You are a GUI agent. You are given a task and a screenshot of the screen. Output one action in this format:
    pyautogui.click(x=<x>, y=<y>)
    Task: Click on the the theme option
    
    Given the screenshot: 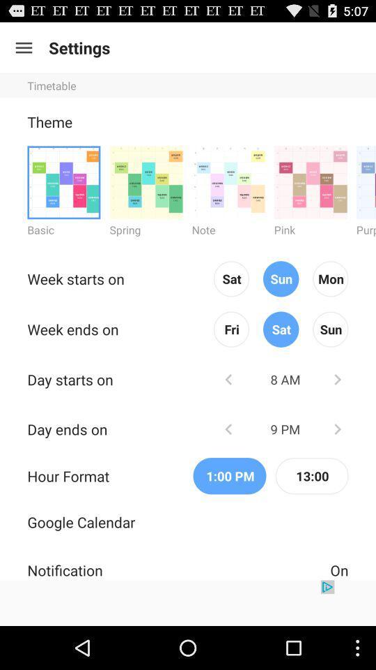 What is the action you would take?
    pyautogui.click(x=63, y=181)
    